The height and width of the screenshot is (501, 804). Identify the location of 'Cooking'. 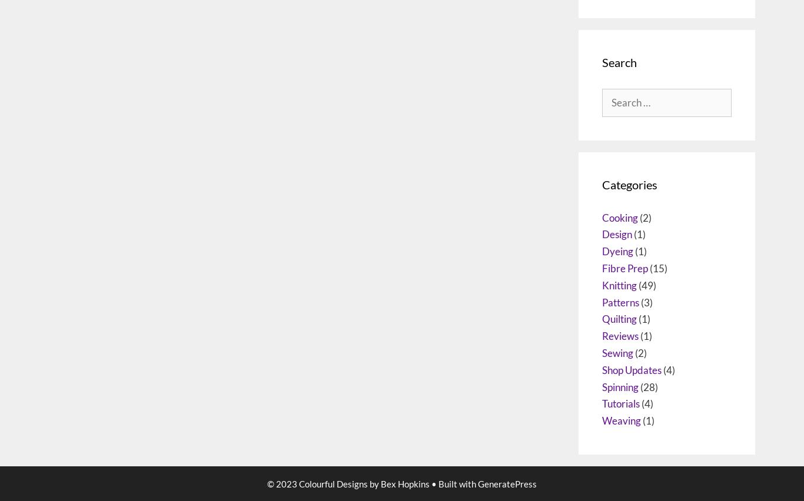
(619, 305).